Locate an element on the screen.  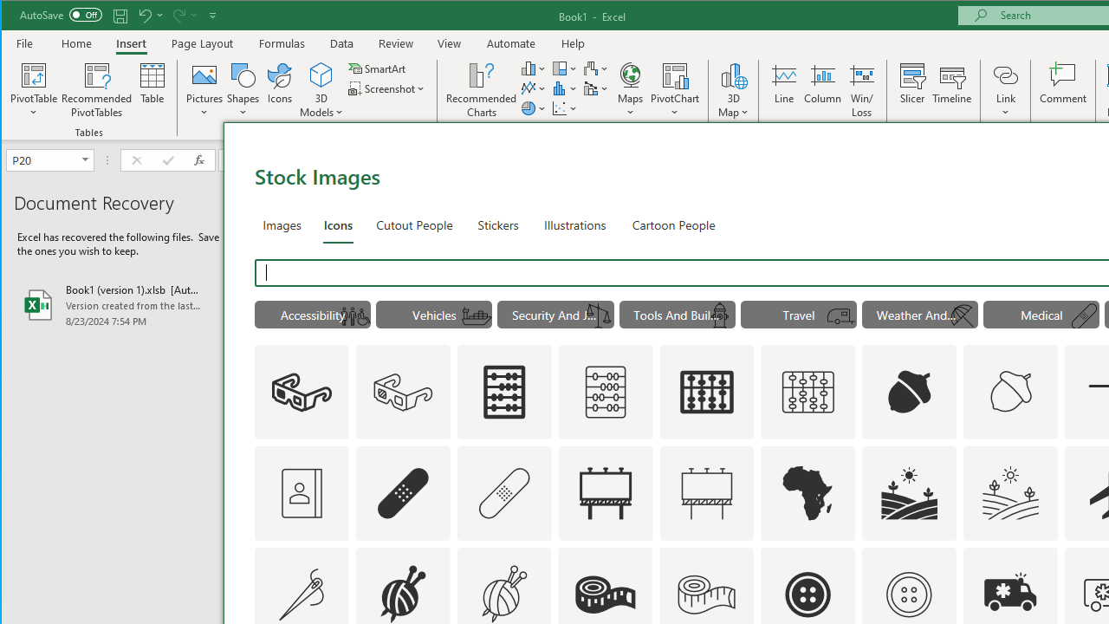
'"Travel" Icons.' is located at coordinates (798, 314).